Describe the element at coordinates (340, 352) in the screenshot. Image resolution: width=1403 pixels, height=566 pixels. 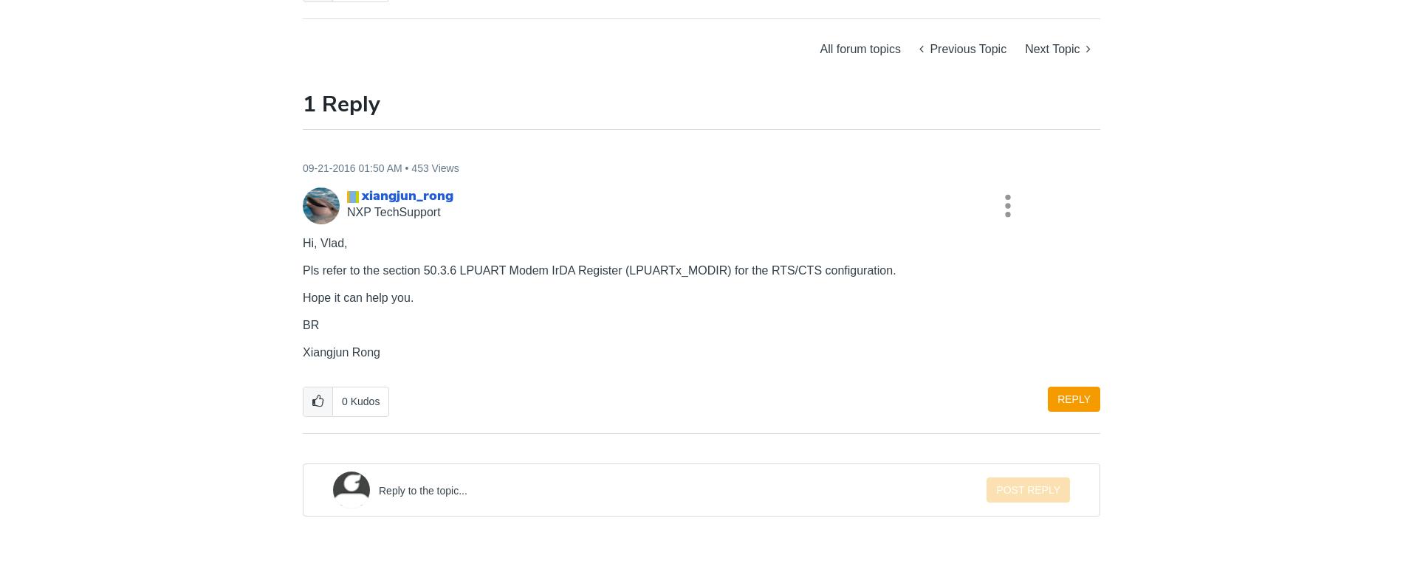
I see `'Xiangjun Rong'` at that location.